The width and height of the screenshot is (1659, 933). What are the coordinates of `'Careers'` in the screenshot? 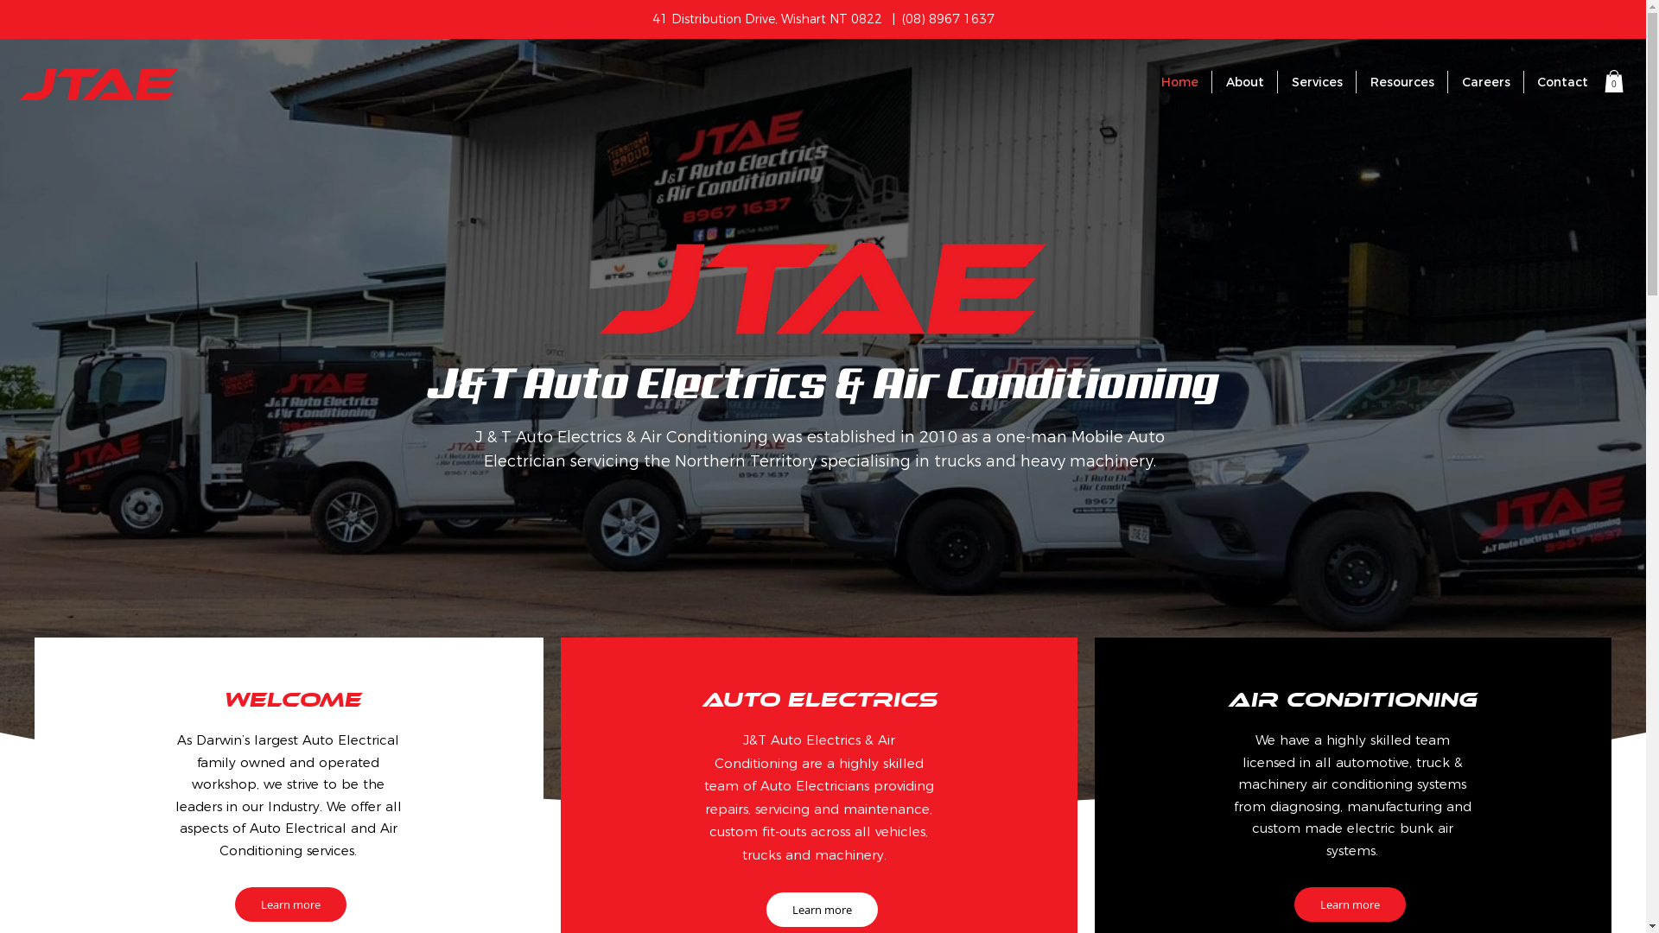 It's located at (1484, 82).